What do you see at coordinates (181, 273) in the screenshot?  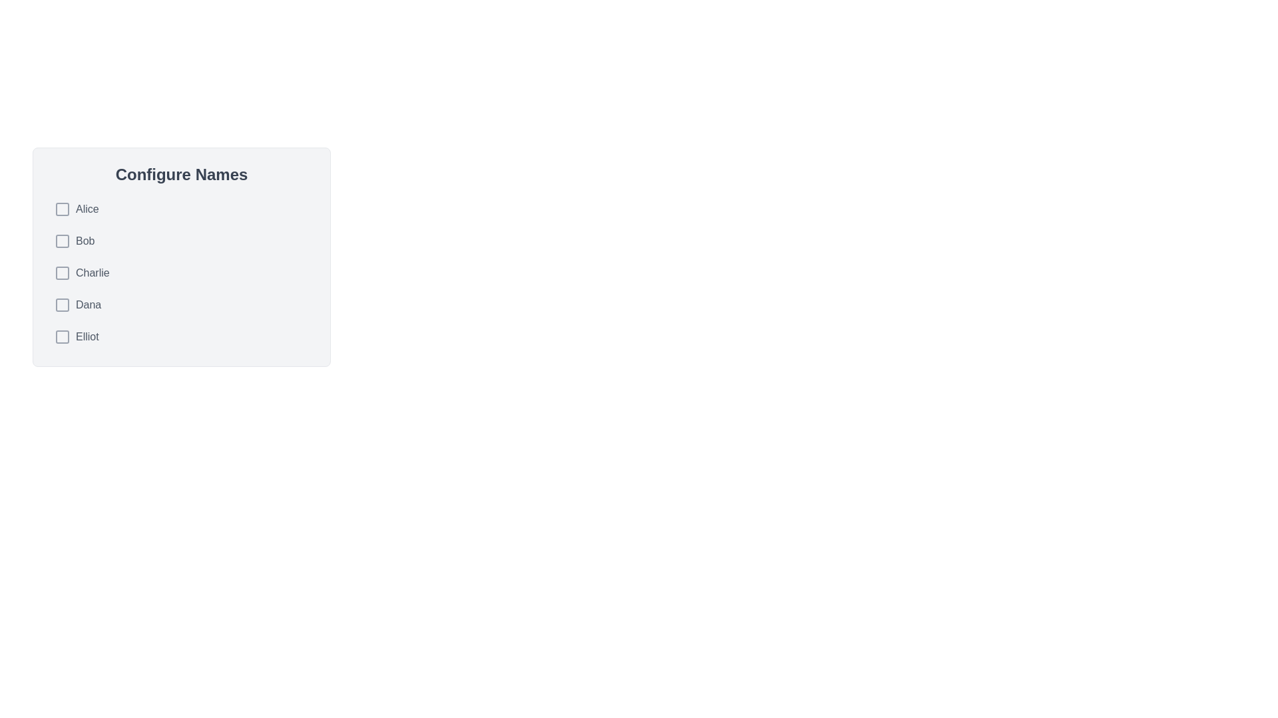 I see `the checkbox labeled 'Charlie'` at bounding box center [181, 273].